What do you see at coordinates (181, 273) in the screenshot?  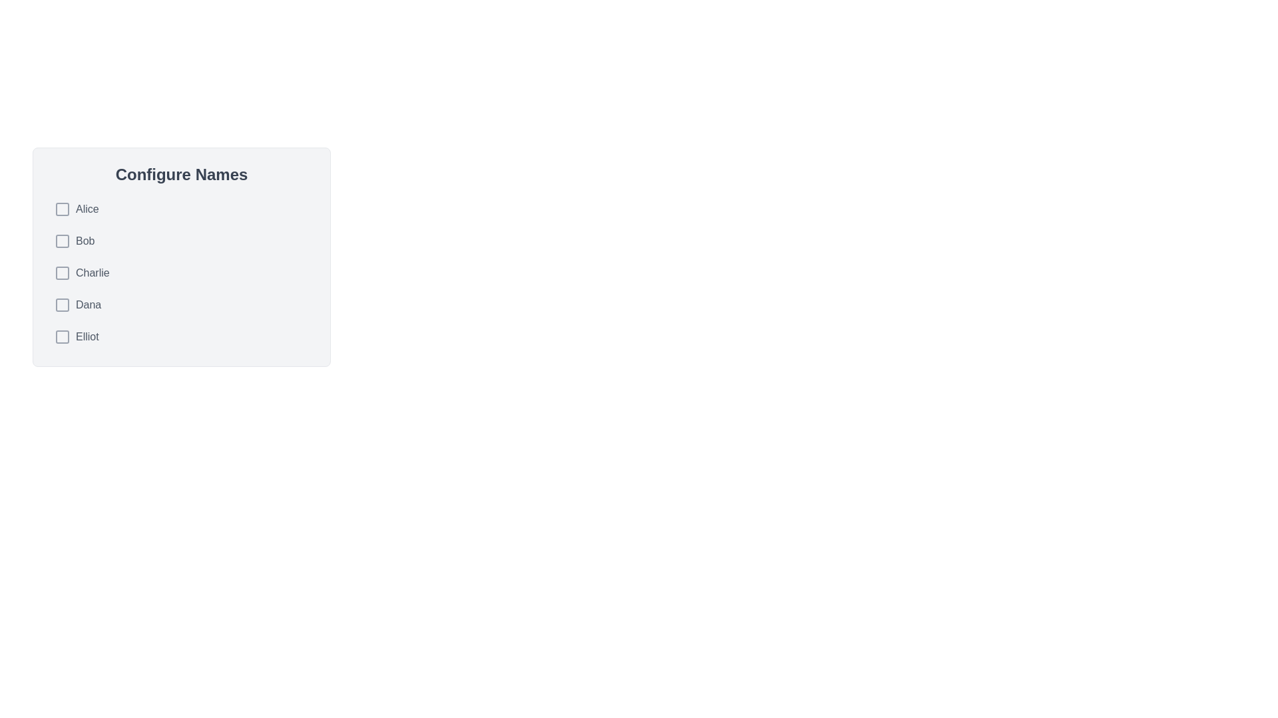 I see `the checkbox labeled 'Charlie'` at bounding box center [181, 273].